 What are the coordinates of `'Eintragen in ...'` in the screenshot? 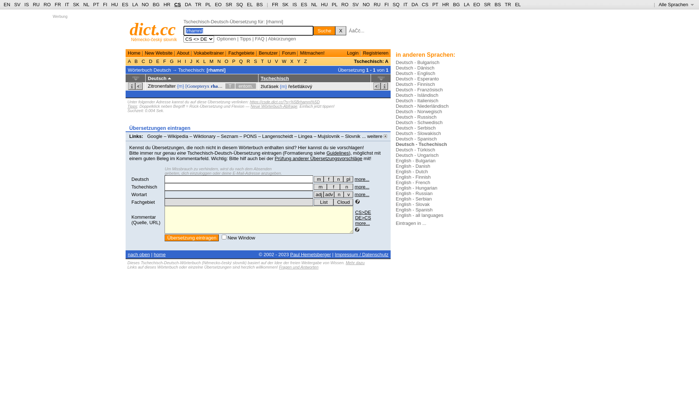 It's located at (411, 223).